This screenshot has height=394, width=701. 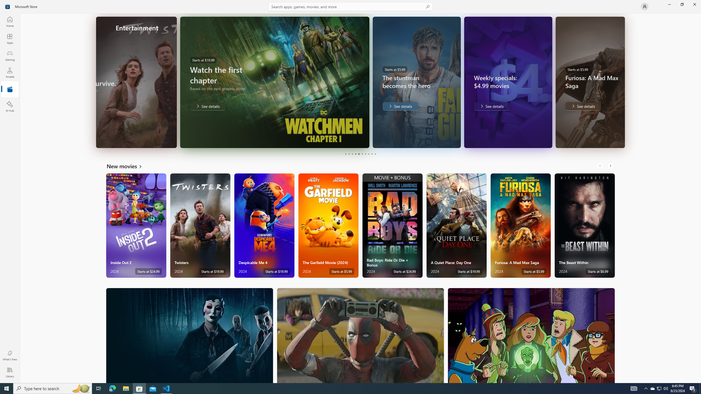 What do you see at coordinates (9, 355) in the screenshot?
I see `'What'` at bounding box center [9, 355].